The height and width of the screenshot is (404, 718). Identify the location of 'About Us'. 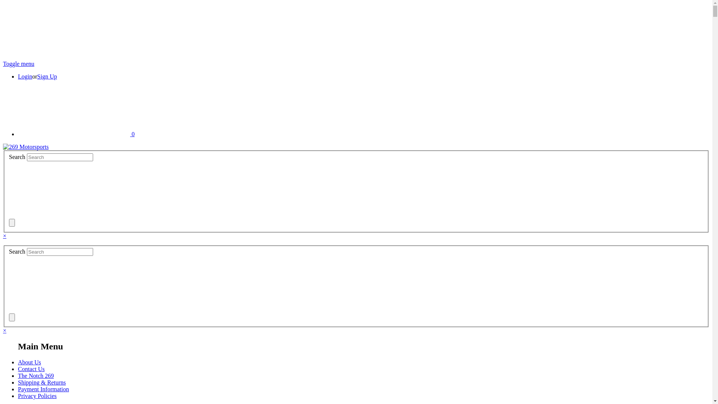
(29, 362).